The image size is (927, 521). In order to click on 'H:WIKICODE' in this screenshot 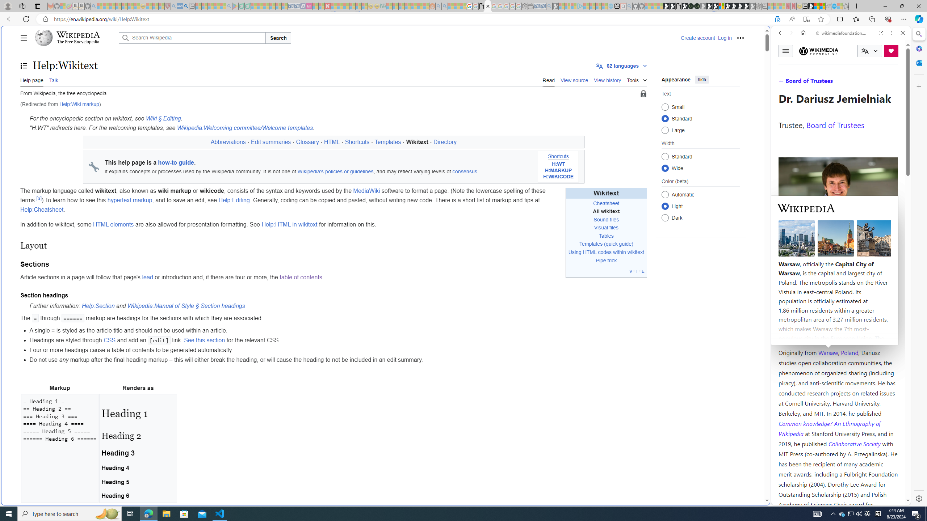, I will do `click(558, 177)`.